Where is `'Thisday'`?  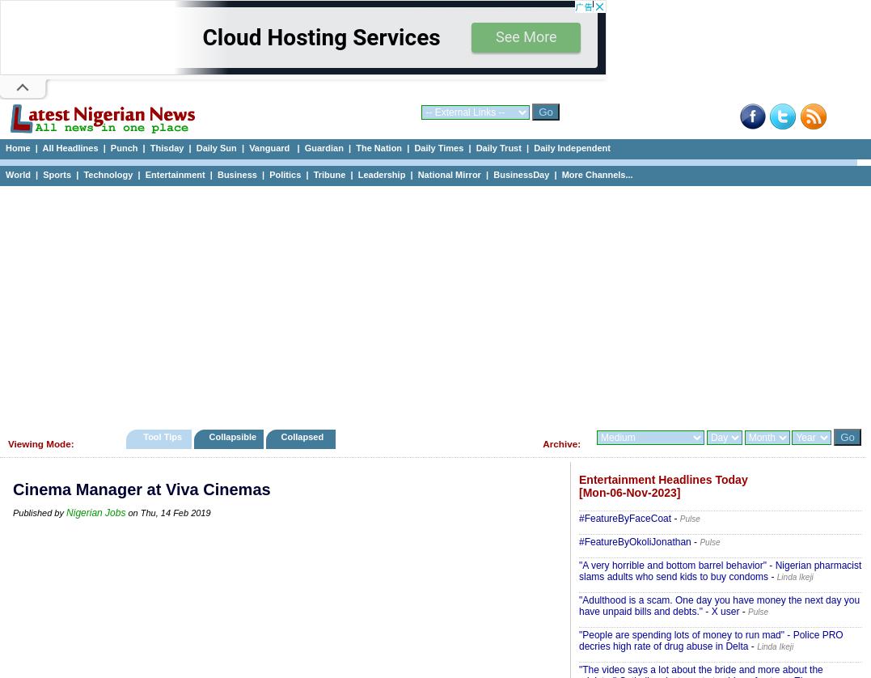 'Thisday' is located at coordinates (166, 148).